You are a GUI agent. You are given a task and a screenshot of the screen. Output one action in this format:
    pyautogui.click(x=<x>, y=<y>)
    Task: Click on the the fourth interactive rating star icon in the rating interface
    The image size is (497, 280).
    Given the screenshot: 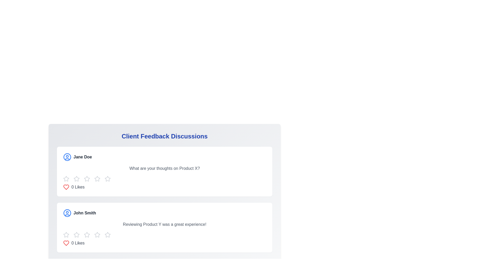 What is the action you would take?
    pyautogui.click(x=87, y=179)
    